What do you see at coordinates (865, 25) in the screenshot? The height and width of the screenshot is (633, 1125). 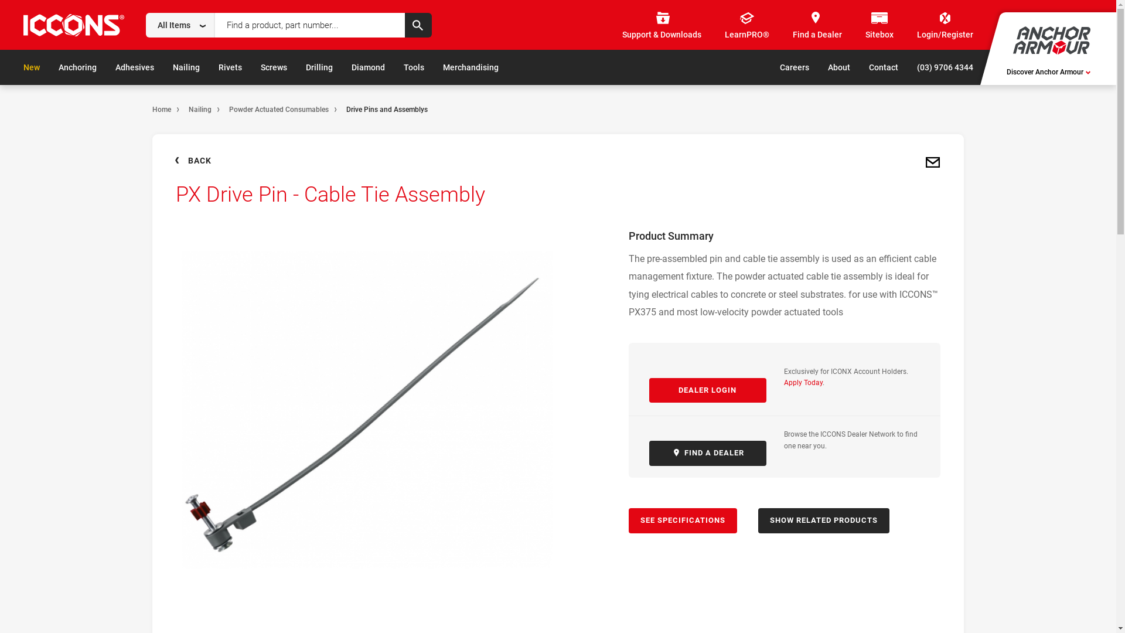 I see `'Sitebox'` at bounding box center [865, 25].